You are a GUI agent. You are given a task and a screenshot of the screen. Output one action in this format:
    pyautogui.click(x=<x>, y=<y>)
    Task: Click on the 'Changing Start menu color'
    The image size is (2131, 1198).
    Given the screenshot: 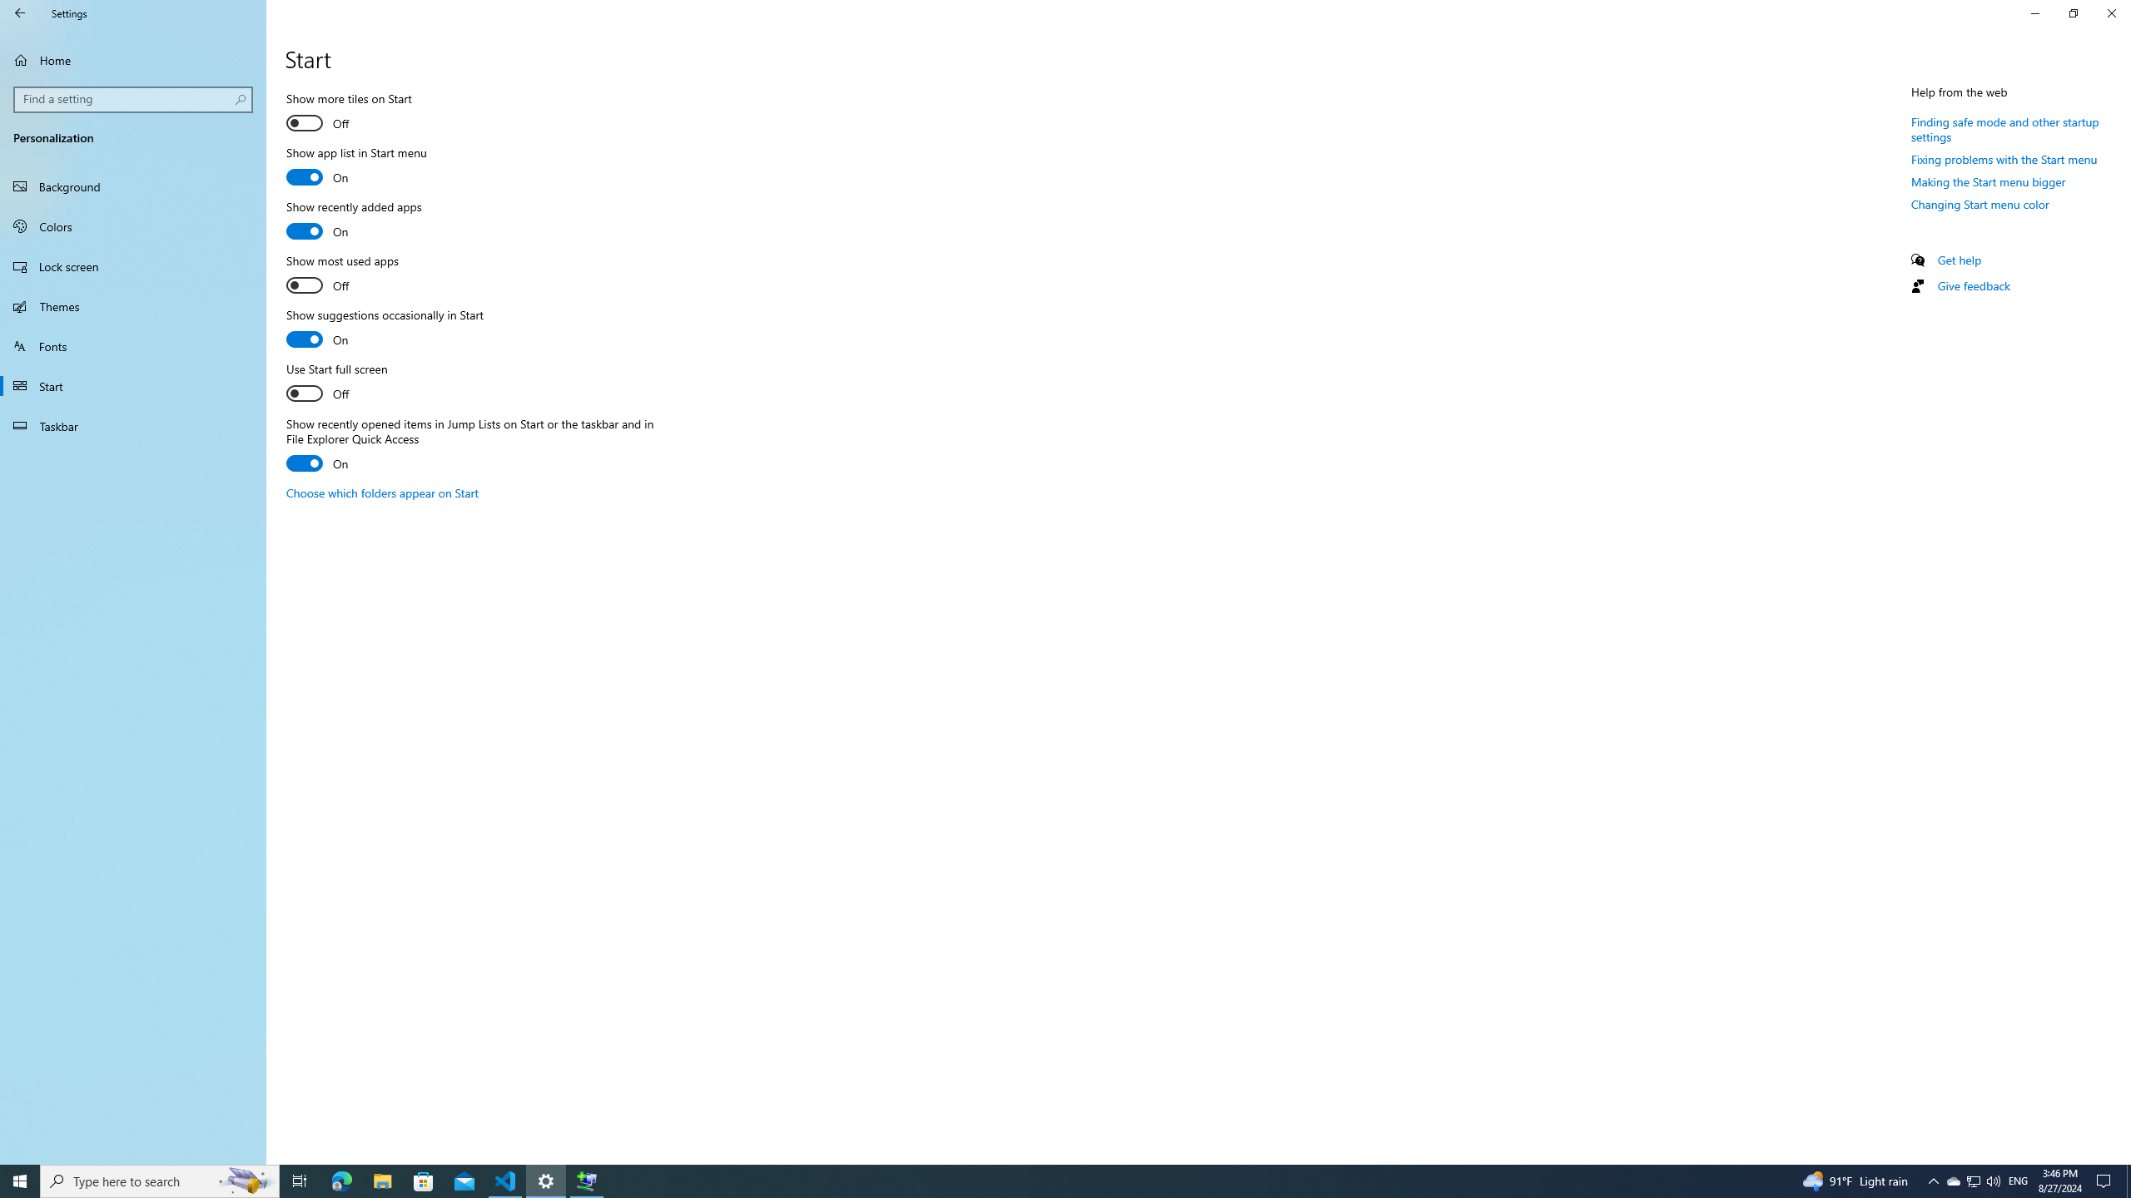 What is the action you would take?
    pyautogui.click(x=1979, y=204)
    